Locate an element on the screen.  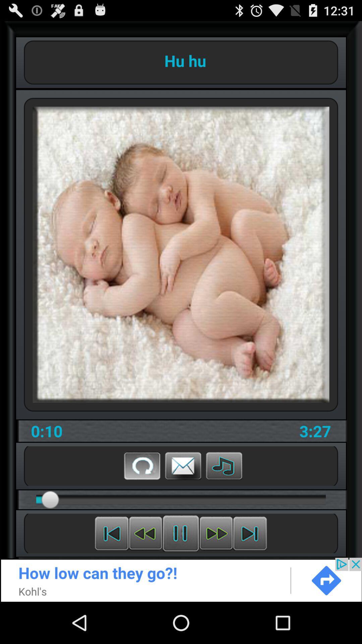
refresh is located at coordinates (142, 465).